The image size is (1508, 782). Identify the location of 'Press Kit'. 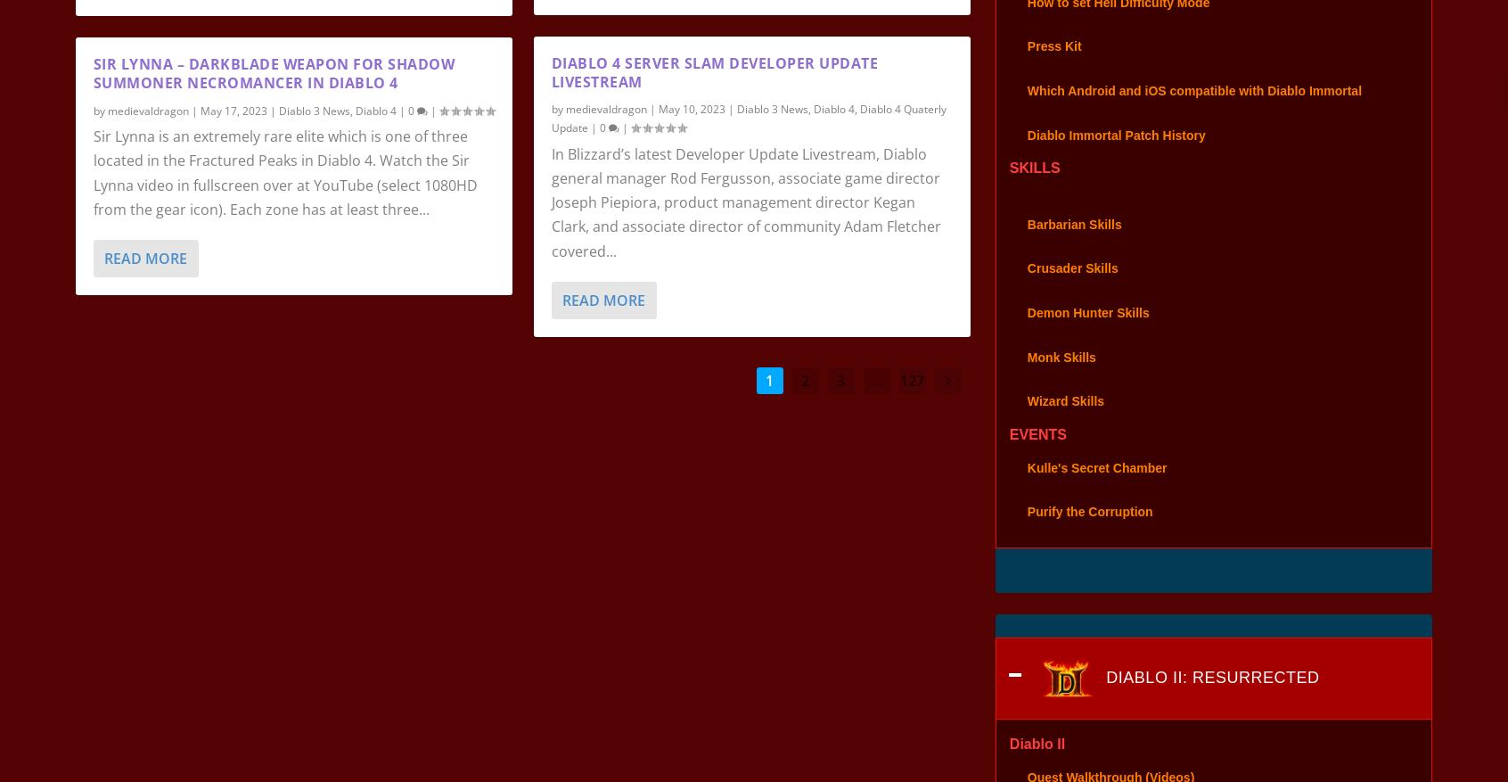
(1053, 70).